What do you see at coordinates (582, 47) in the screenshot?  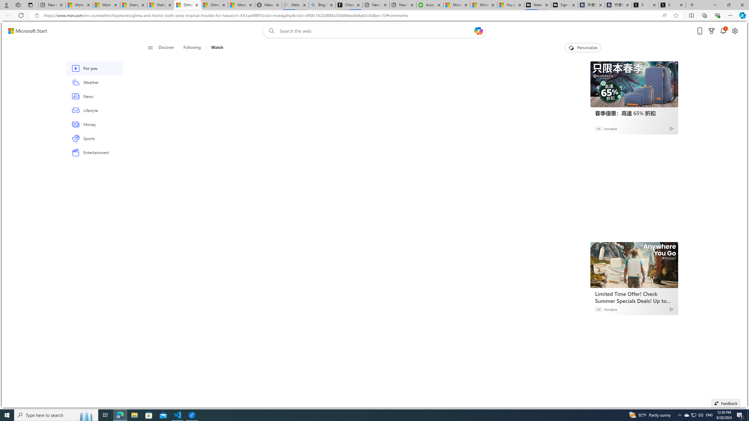 I see `'Personalize'` at bounding box center [582, 47].